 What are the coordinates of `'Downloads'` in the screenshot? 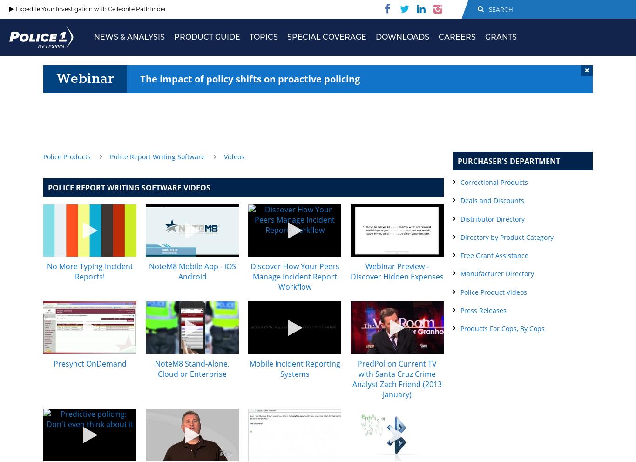 It's located at (402, 37).